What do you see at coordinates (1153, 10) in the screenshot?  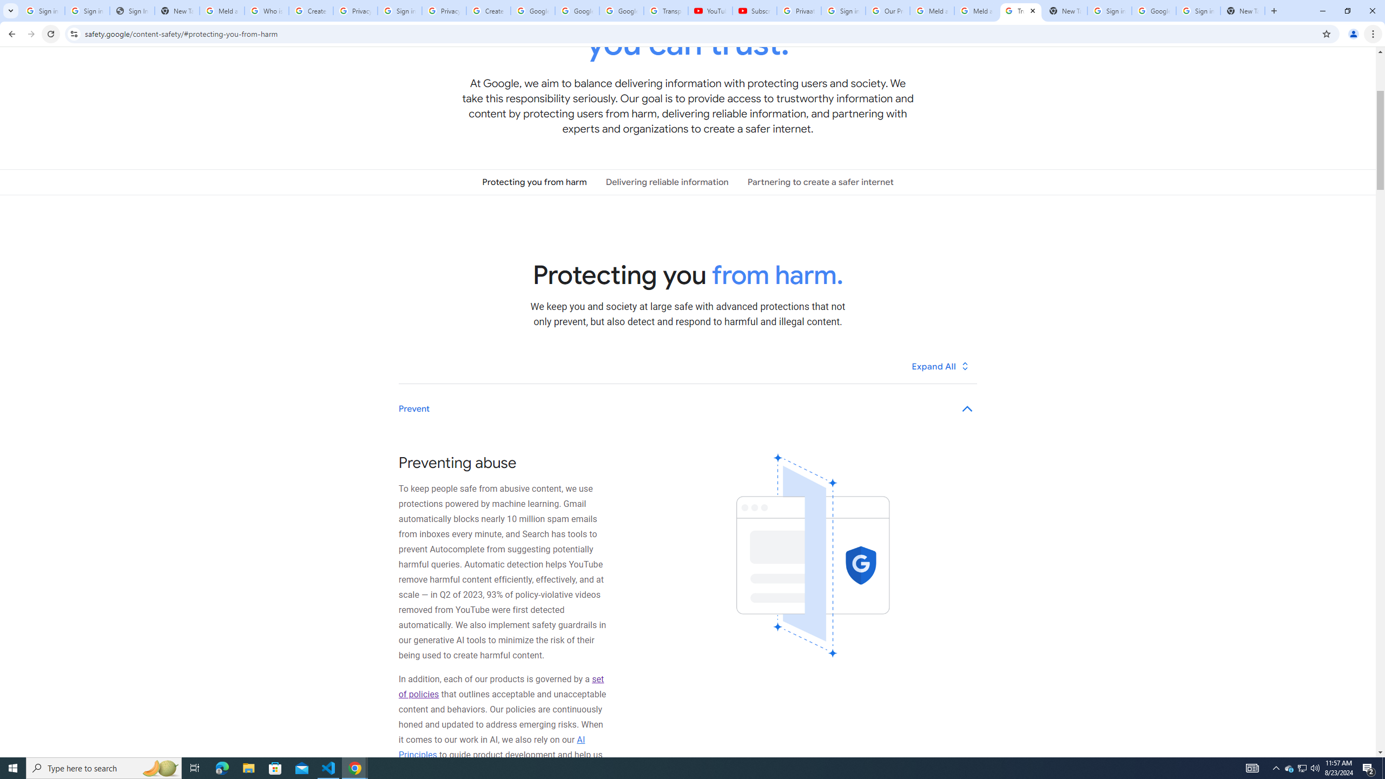 I see `'Google Cybersecurity Innovations - Google Safety Center'` at bounding box center [1153, 10].